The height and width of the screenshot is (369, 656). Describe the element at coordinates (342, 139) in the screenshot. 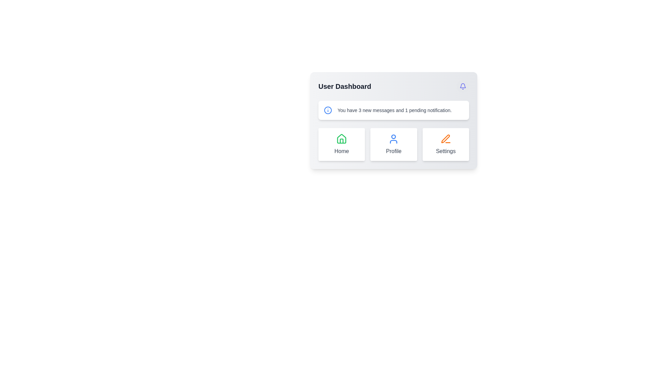

I see `the 'Home' icon located in the top-left of the main card area, which serves as a navigation tool to the user's home/dashboard page` at that location.